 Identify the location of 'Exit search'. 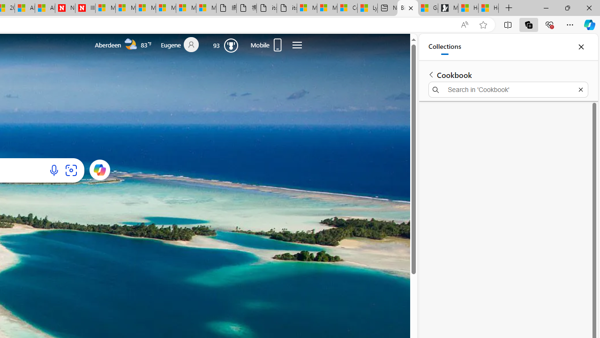
(580, 90).